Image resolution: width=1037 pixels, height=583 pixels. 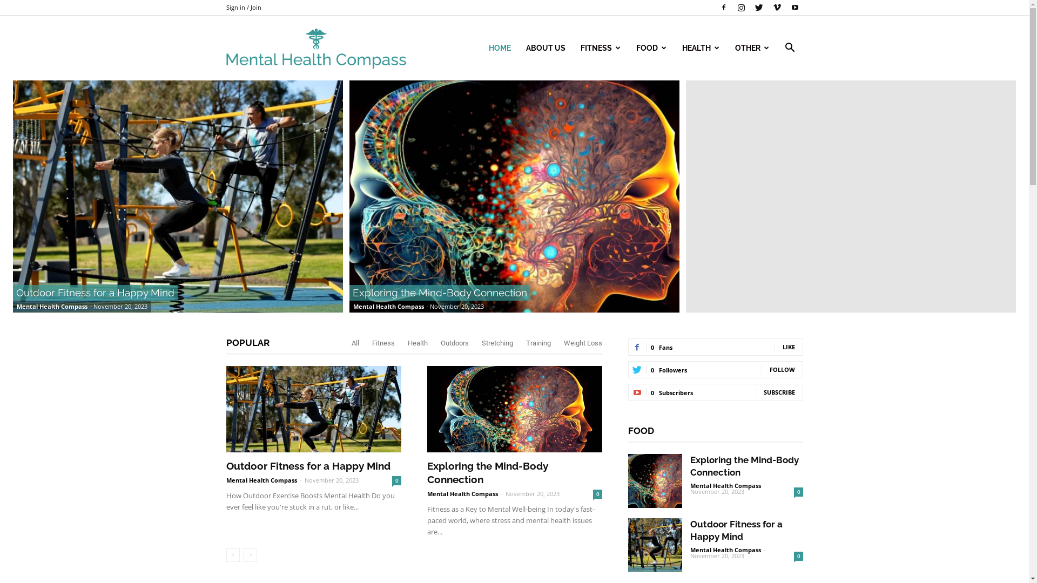 I want to click on 'Weight Loss', so click(x=582, y=343).